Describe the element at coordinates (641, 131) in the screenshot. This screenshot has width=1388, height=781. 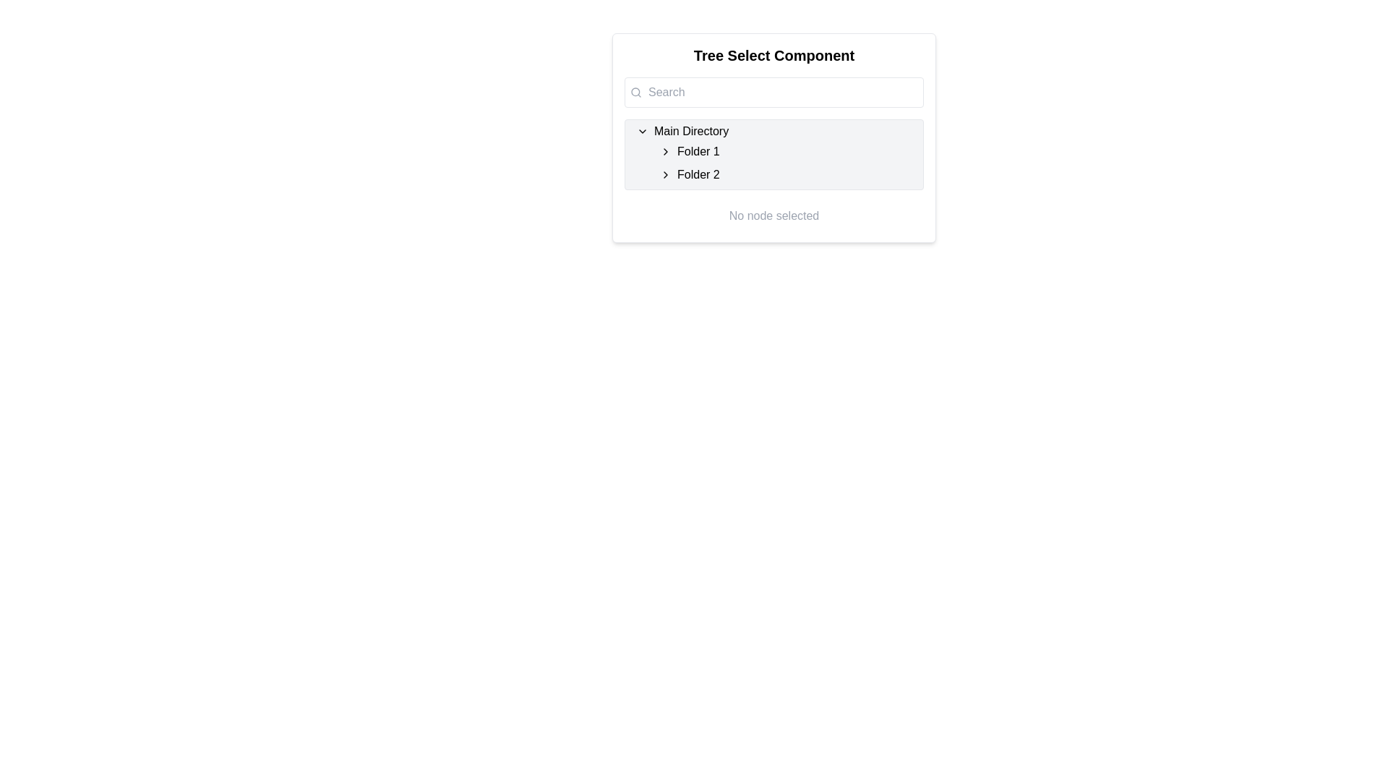
I see `the downward-pointing chevron-shaped icon located to the left of the 'Main Directory' text` at that location.